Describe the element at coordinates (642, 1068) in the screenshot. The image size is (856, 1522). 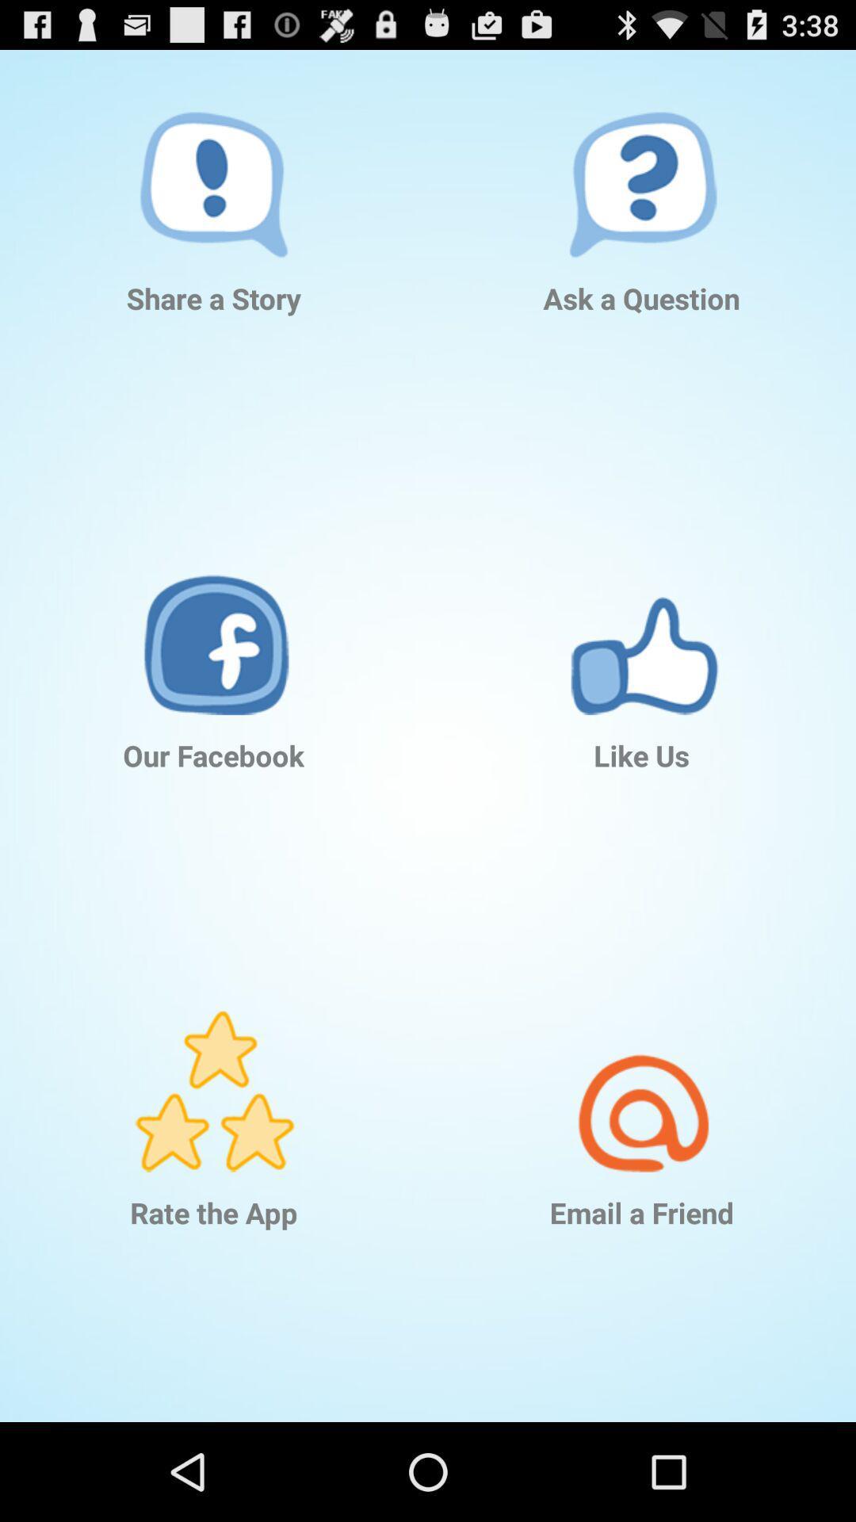
I see `the icon above email a friend app` at that location.